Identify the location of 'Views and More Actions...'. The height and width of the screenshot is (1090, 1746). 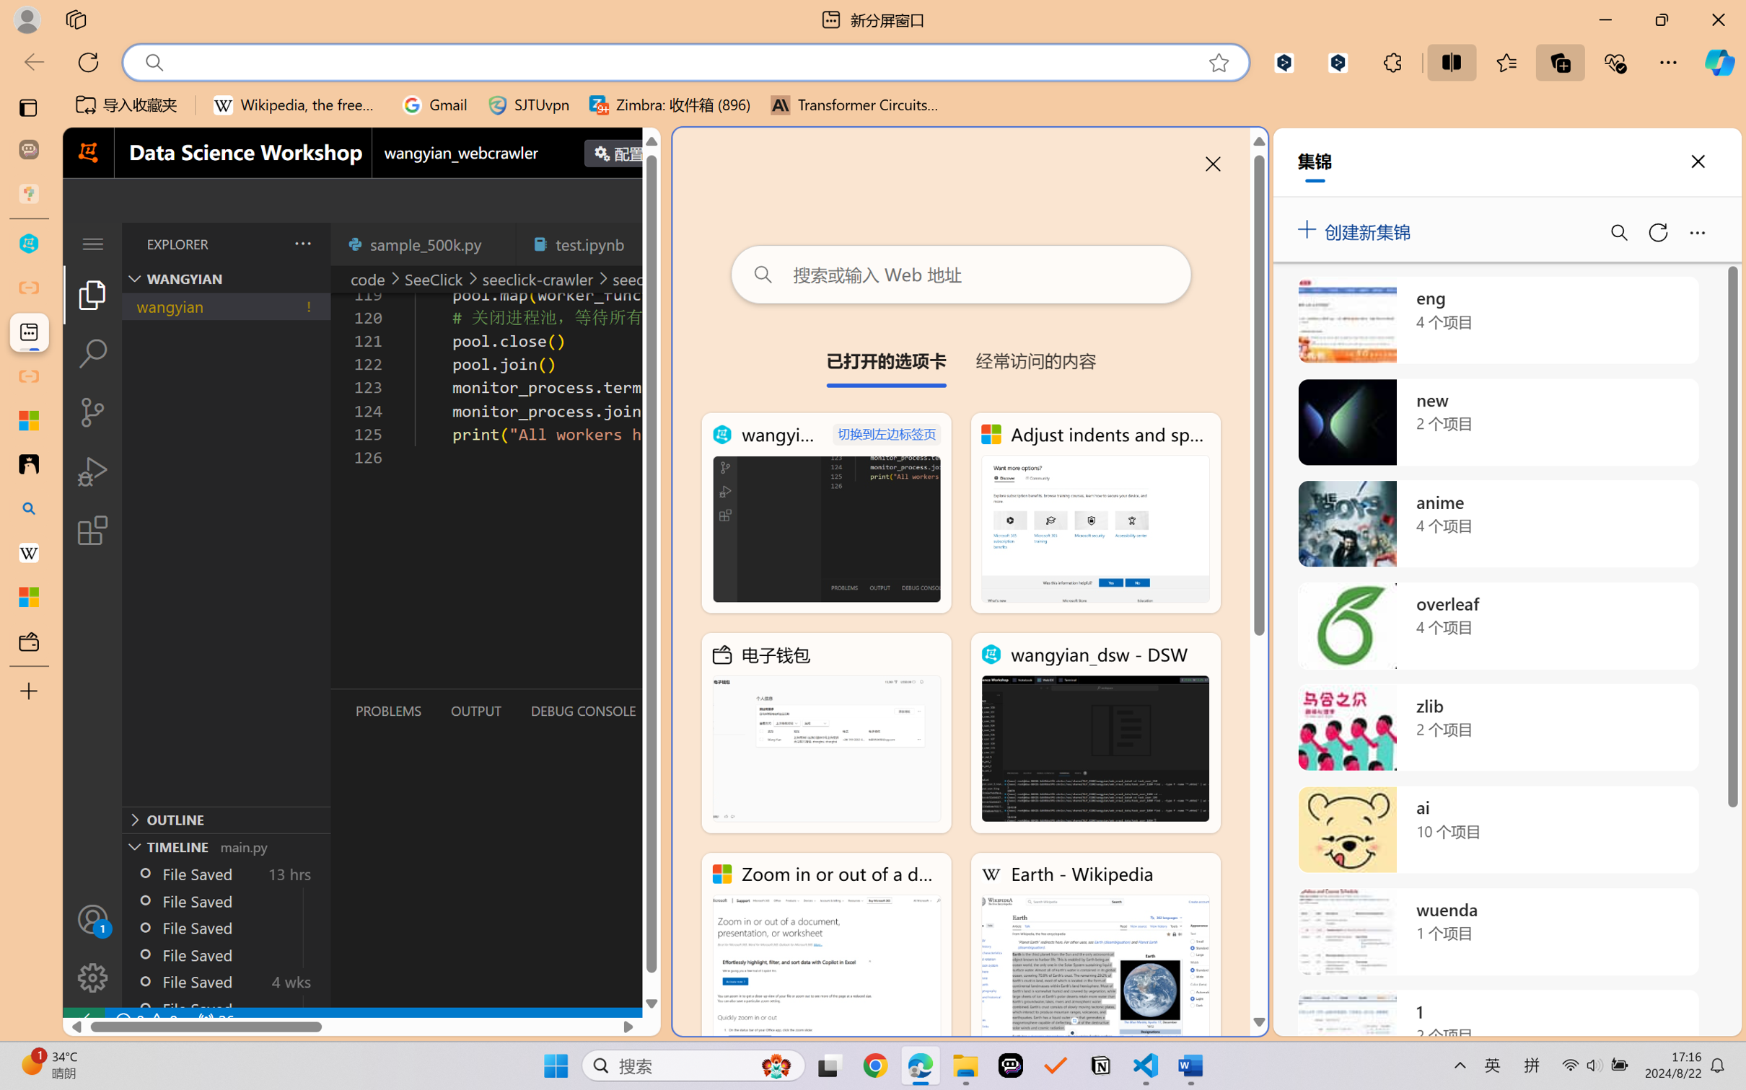
(302, 243).